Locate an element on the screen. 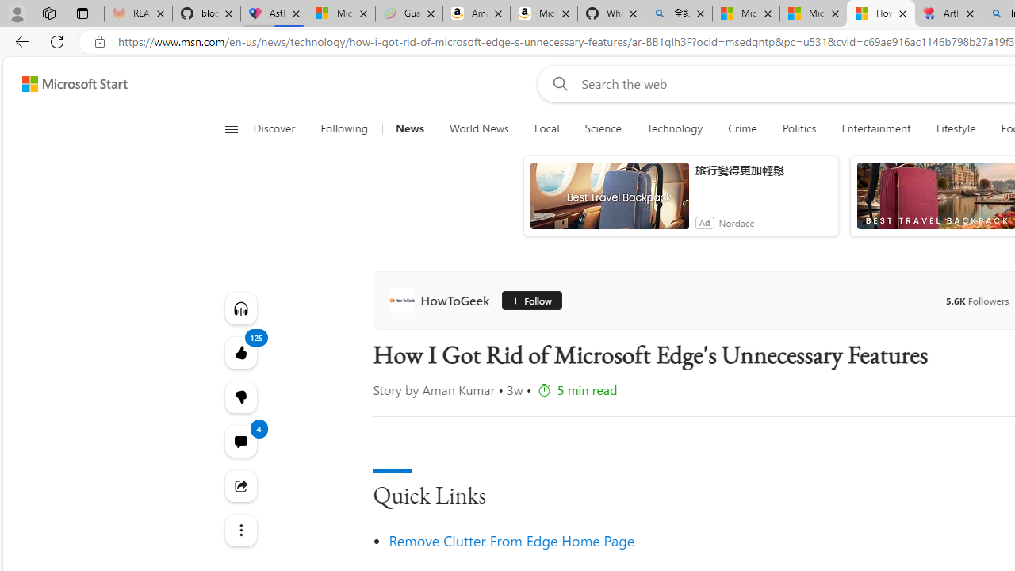 Image resolution: width=1015 pixels, height=571 pixels. 'Science' is located at coordinates (602, 128).